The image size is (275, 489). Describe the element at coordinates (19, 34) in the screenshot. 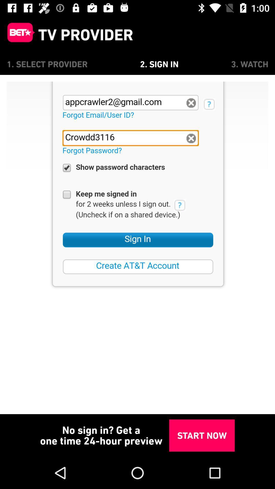

I see `main menu page` at that location.